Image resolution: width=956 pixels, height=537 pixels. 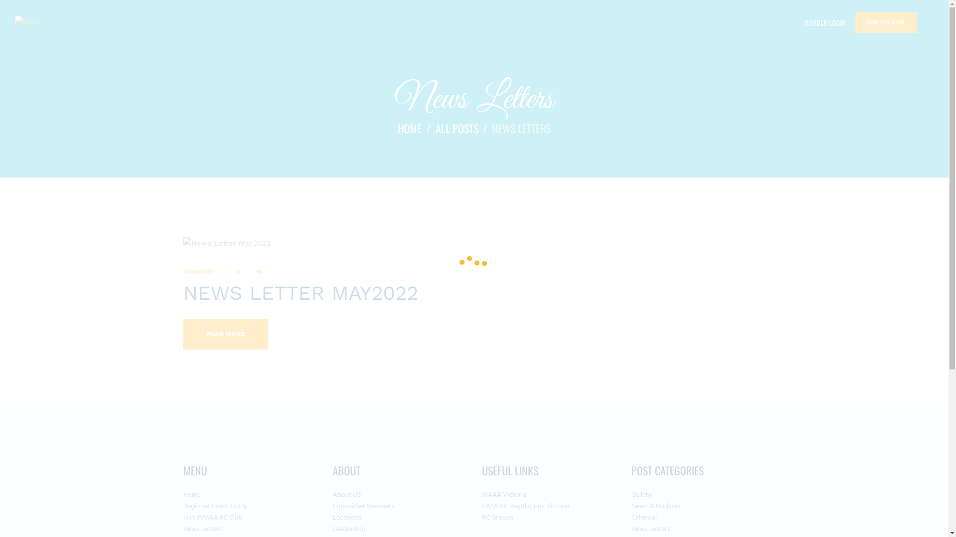 I want to click on 'ALL POSTS', so click(x=456, y=128).